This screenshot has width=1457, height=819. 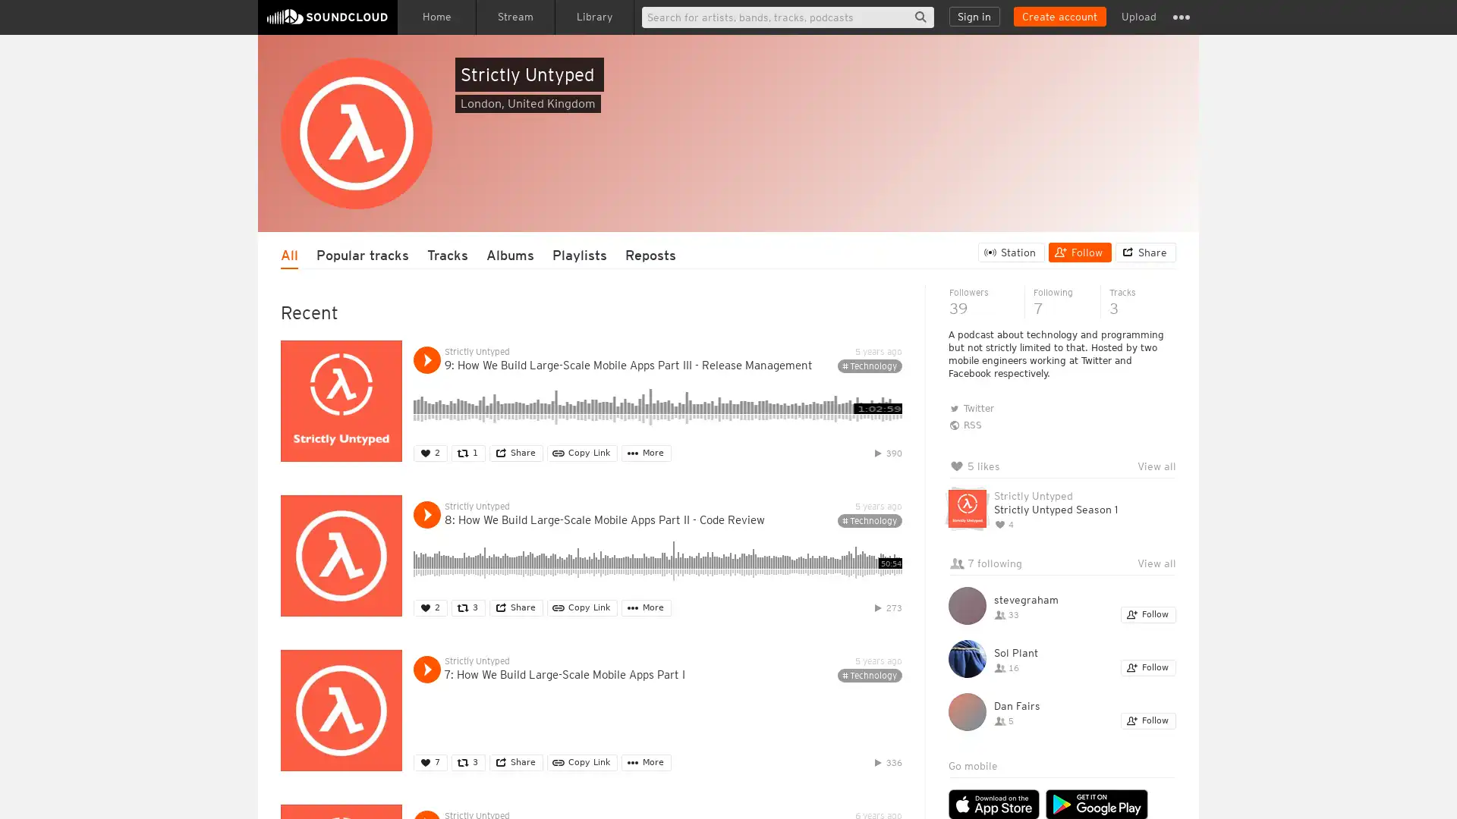 What do you see at coordinates (430, 607) in the screenshot?
I see `Like` at bounding box center [430, 607].